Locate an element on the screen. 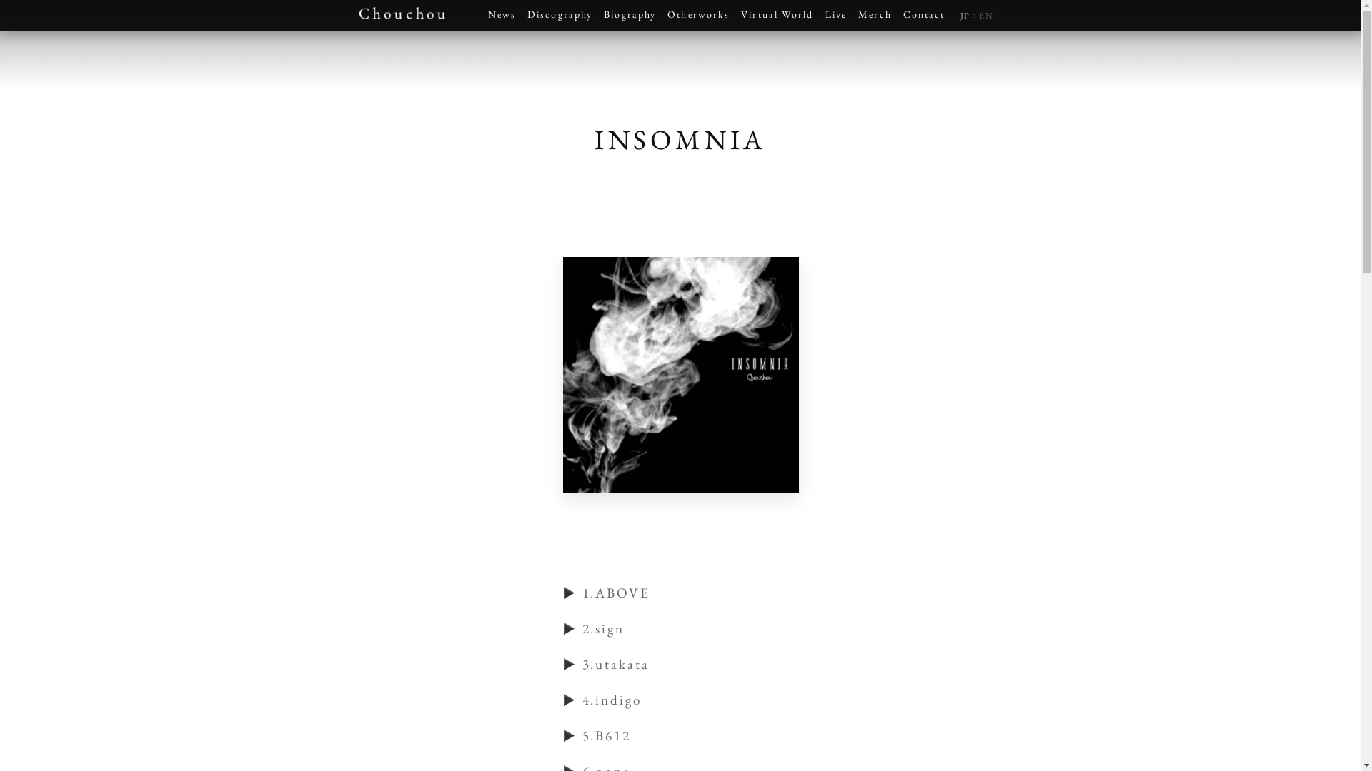  'Contact' is located at coordinates (924, 15).